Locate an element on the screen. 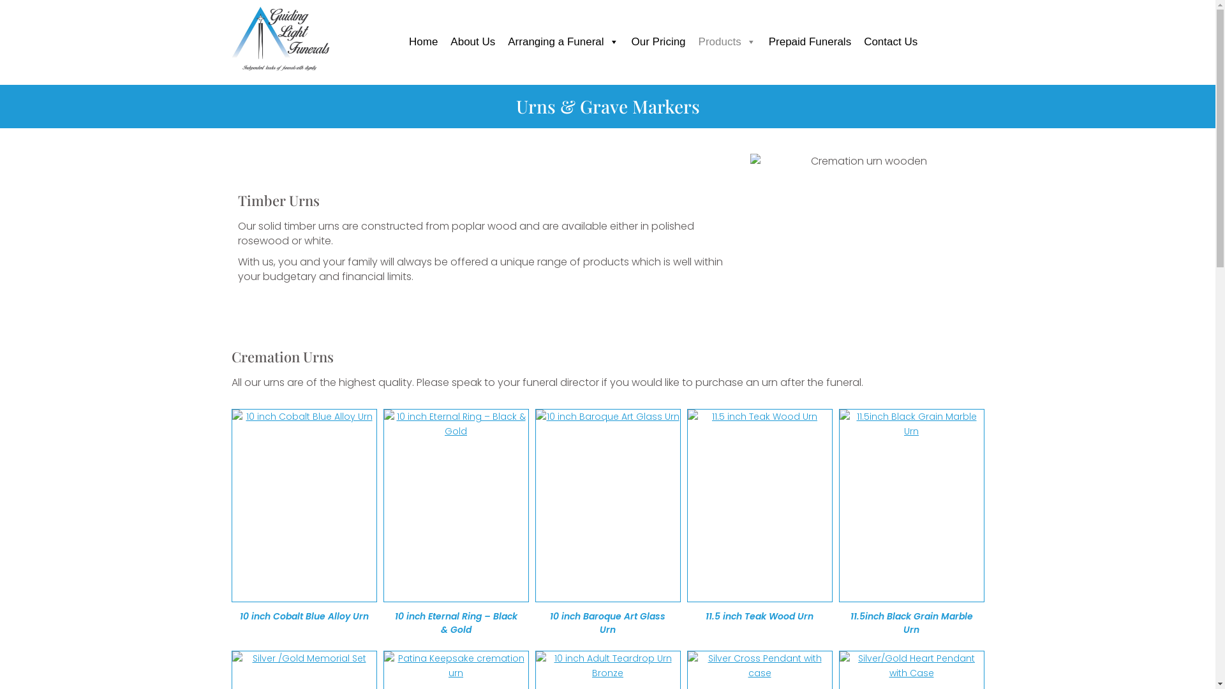 The width and height of the screenshot is (1225, 689). 'About Us' is located at coordinates (471, 41).